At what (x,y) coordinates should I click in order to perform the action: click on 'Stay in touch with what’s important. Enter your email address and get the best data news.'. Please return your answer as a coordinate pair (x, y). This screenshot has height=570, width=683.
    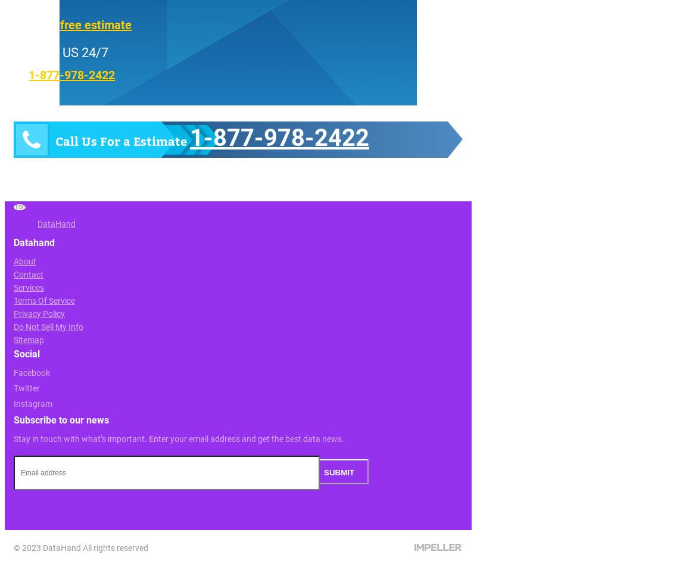
    Looking at the image, I should click on (179, 438).